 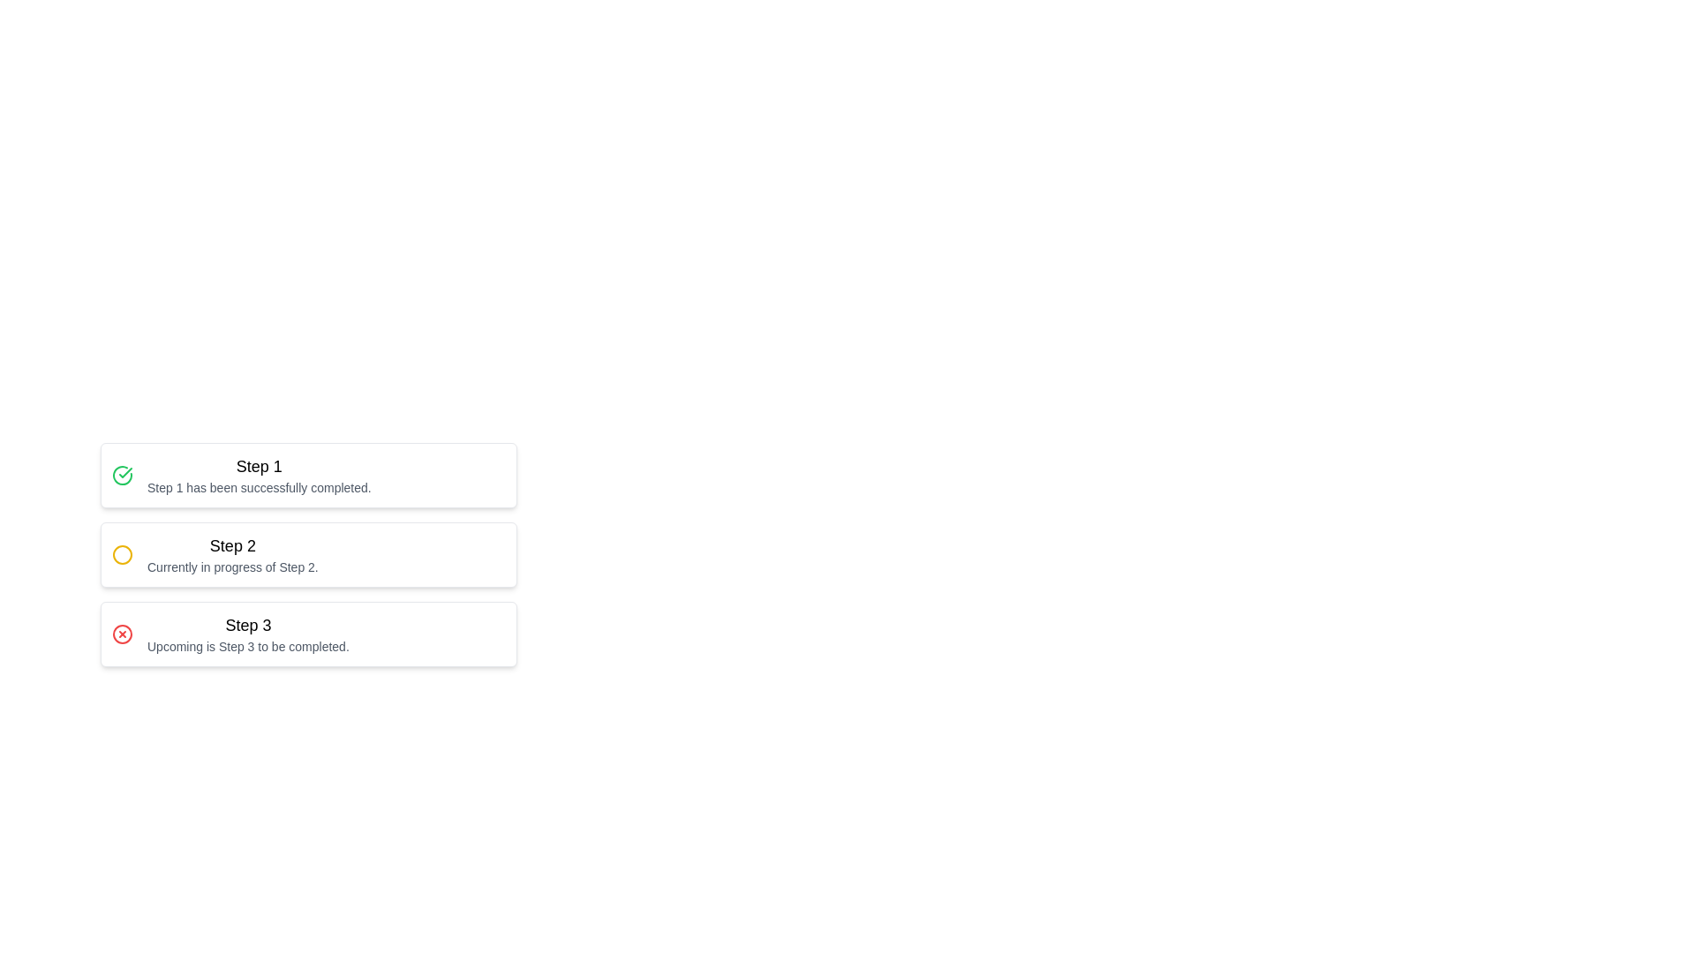 I want to click on the 'Step 2' text label, which displays the text in a bold font style and is positioned as the second item in a vertical list of step items, so click(x=231, y=544).